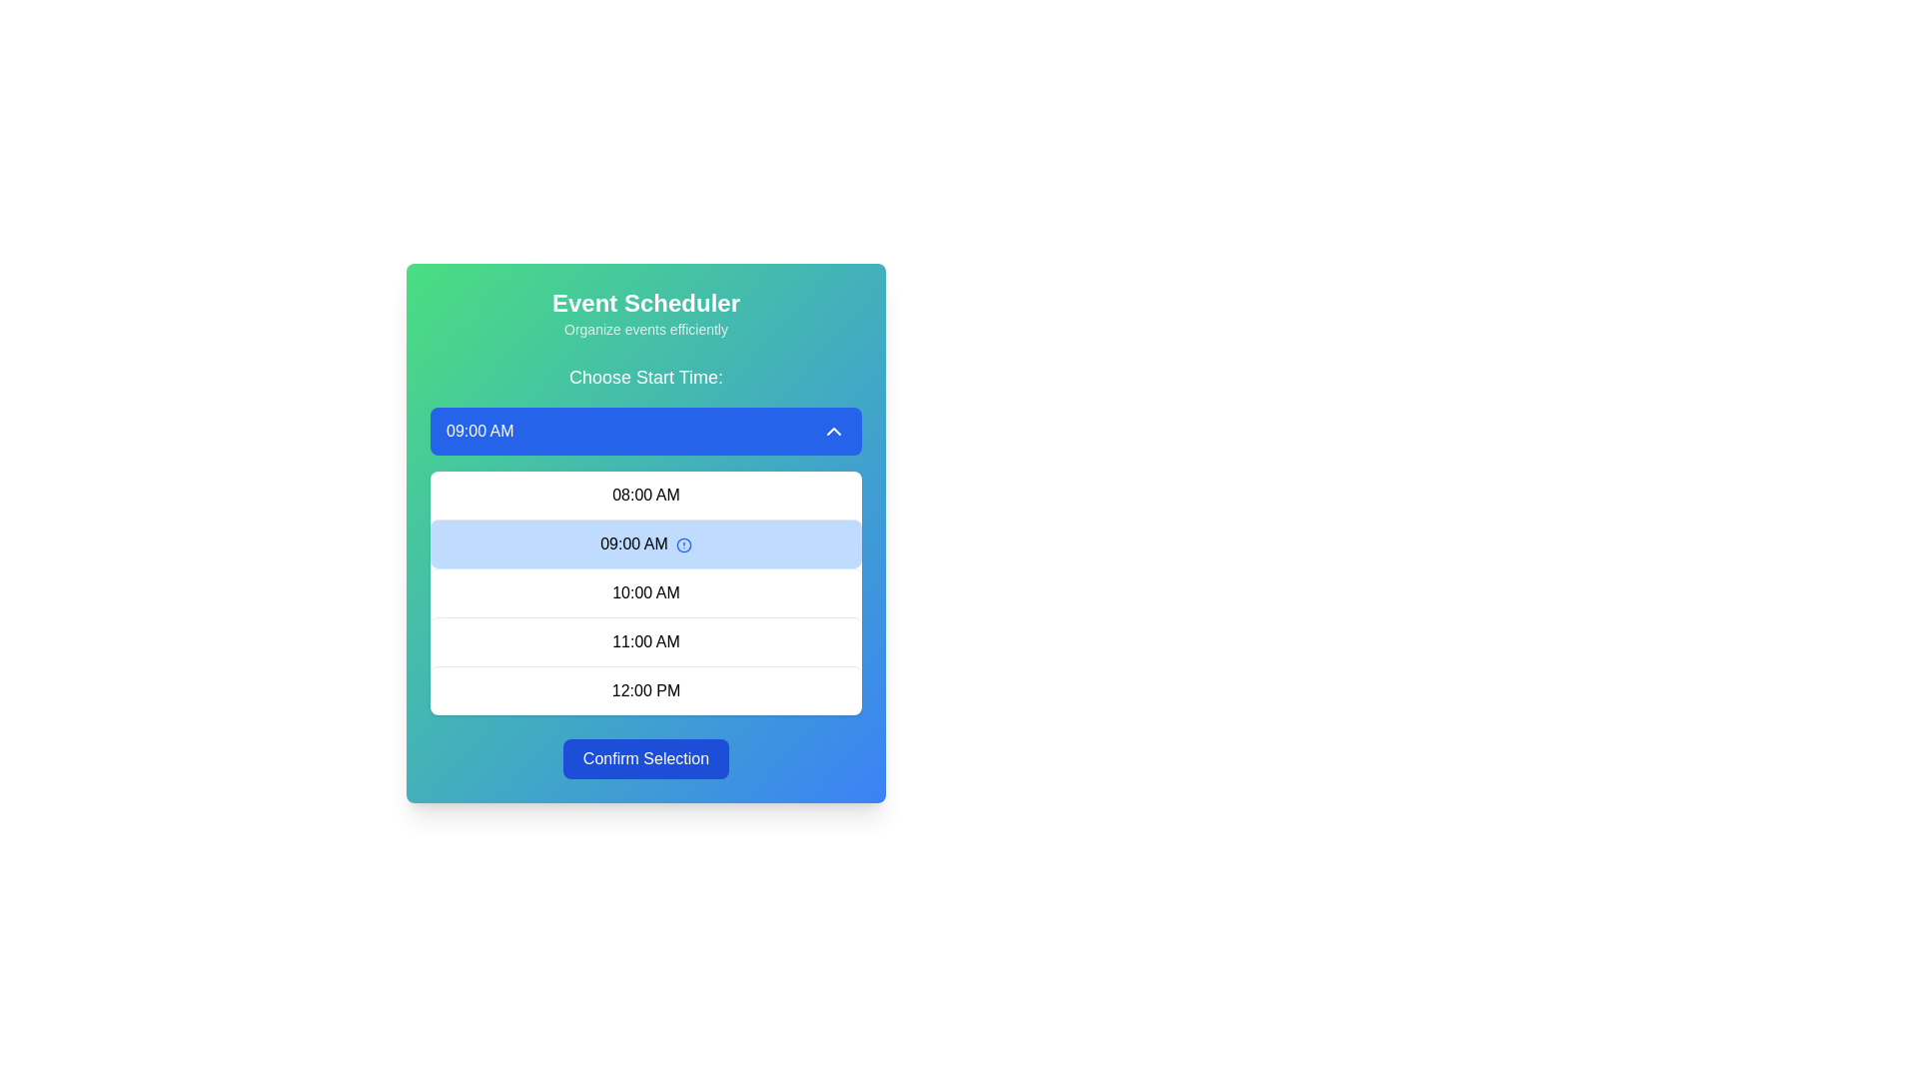 This screenshot has width=1918, height=1079. What do you see at coordinates (646, 532) in the screenshot?
I see `the dropdown menu` at bounding box center [646, 532].